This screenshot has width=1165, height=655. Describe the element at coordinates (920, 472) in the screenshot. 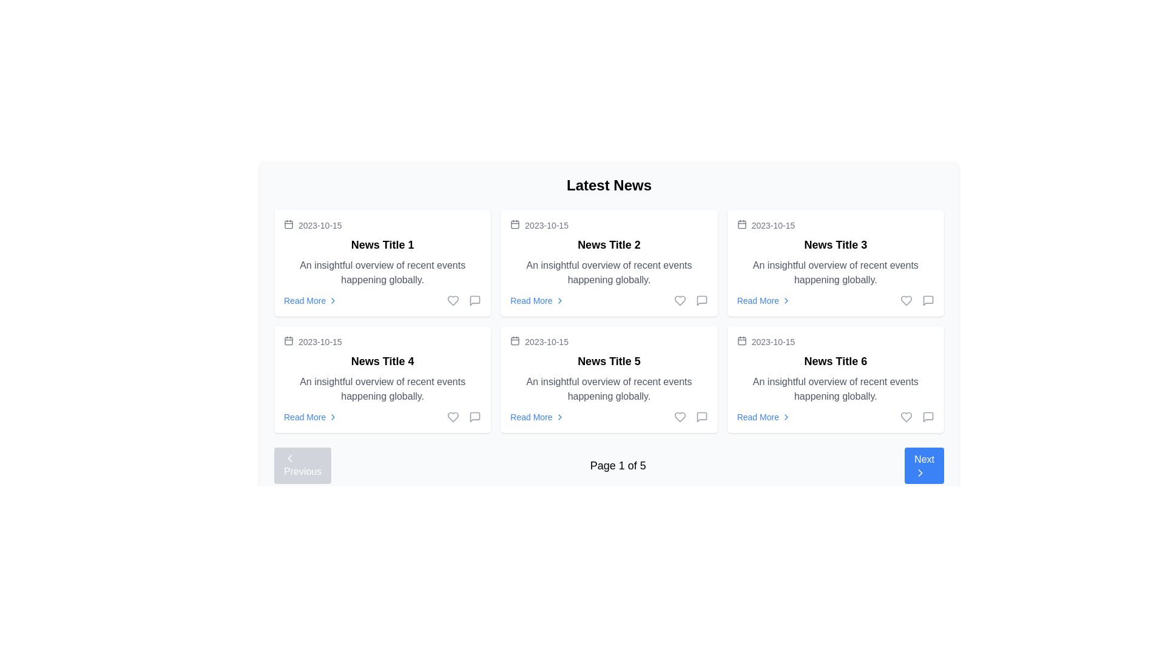

I see `the chevron icon located inside the 'Next' button at the bottom-right corner of the user interface` at that location.